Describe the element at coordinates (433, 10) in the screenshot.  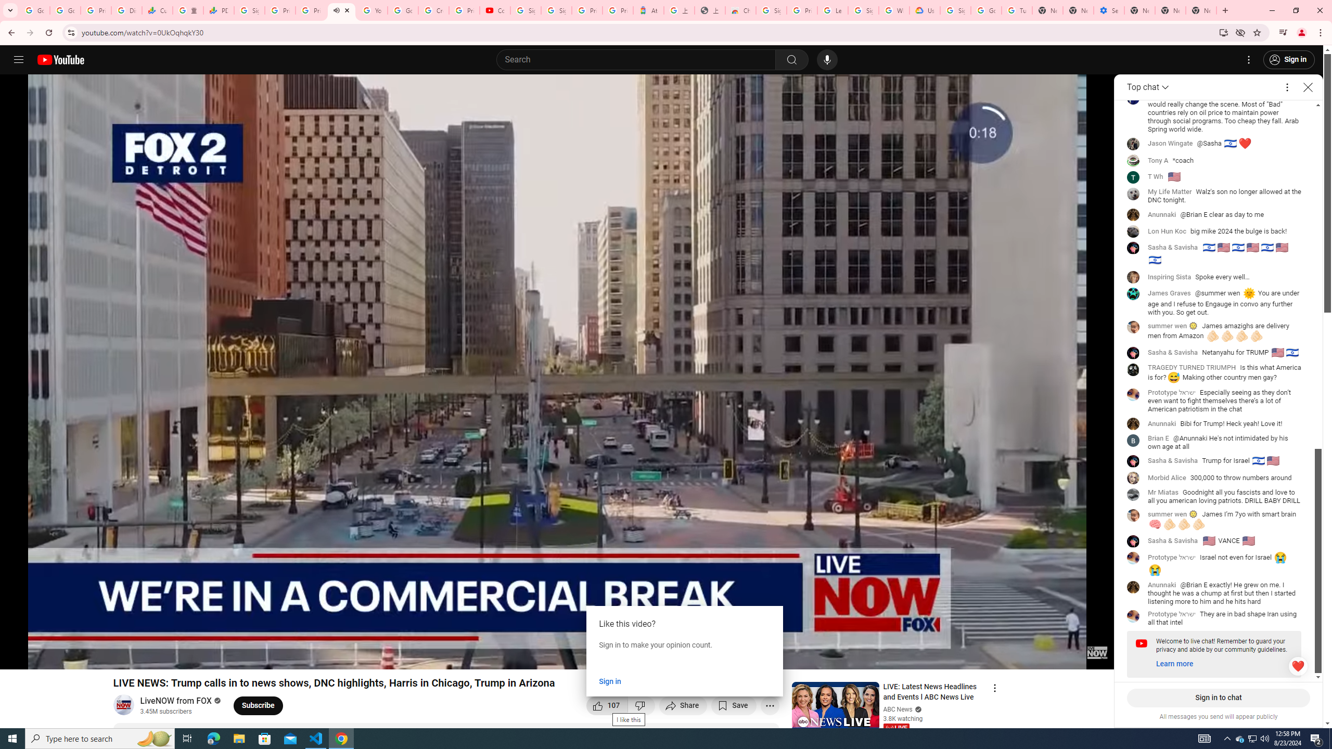
I see `'Create your Google Account'` at that location.